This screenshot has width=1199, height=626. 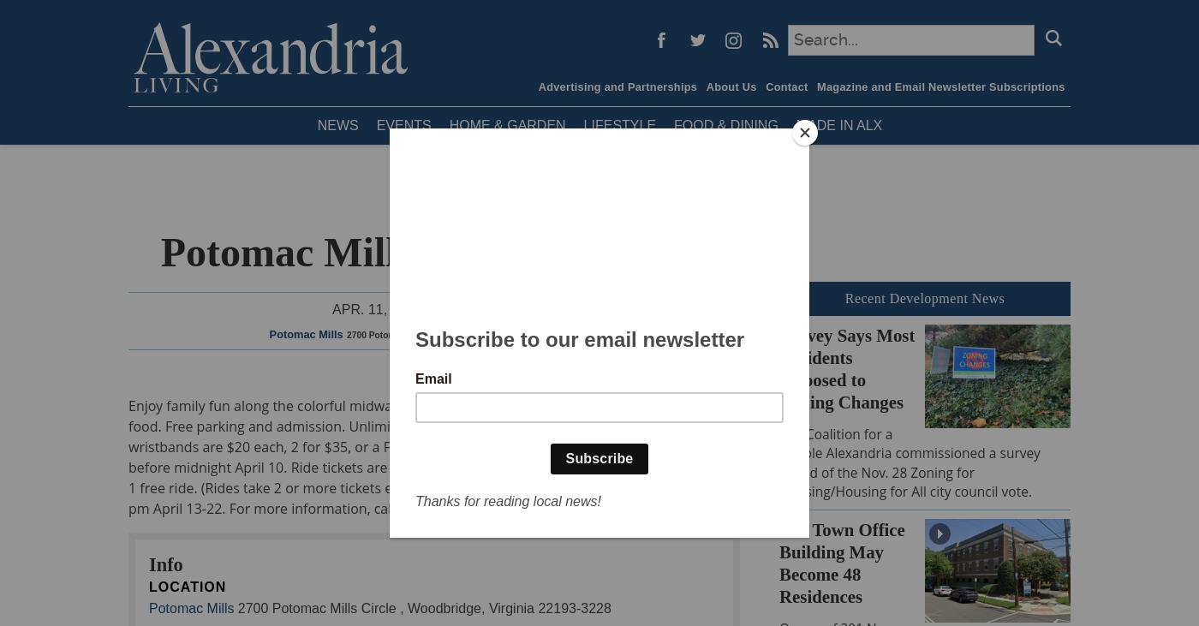 I want to click on 'Apr. 22, 2019', so click(x=491, y=308).